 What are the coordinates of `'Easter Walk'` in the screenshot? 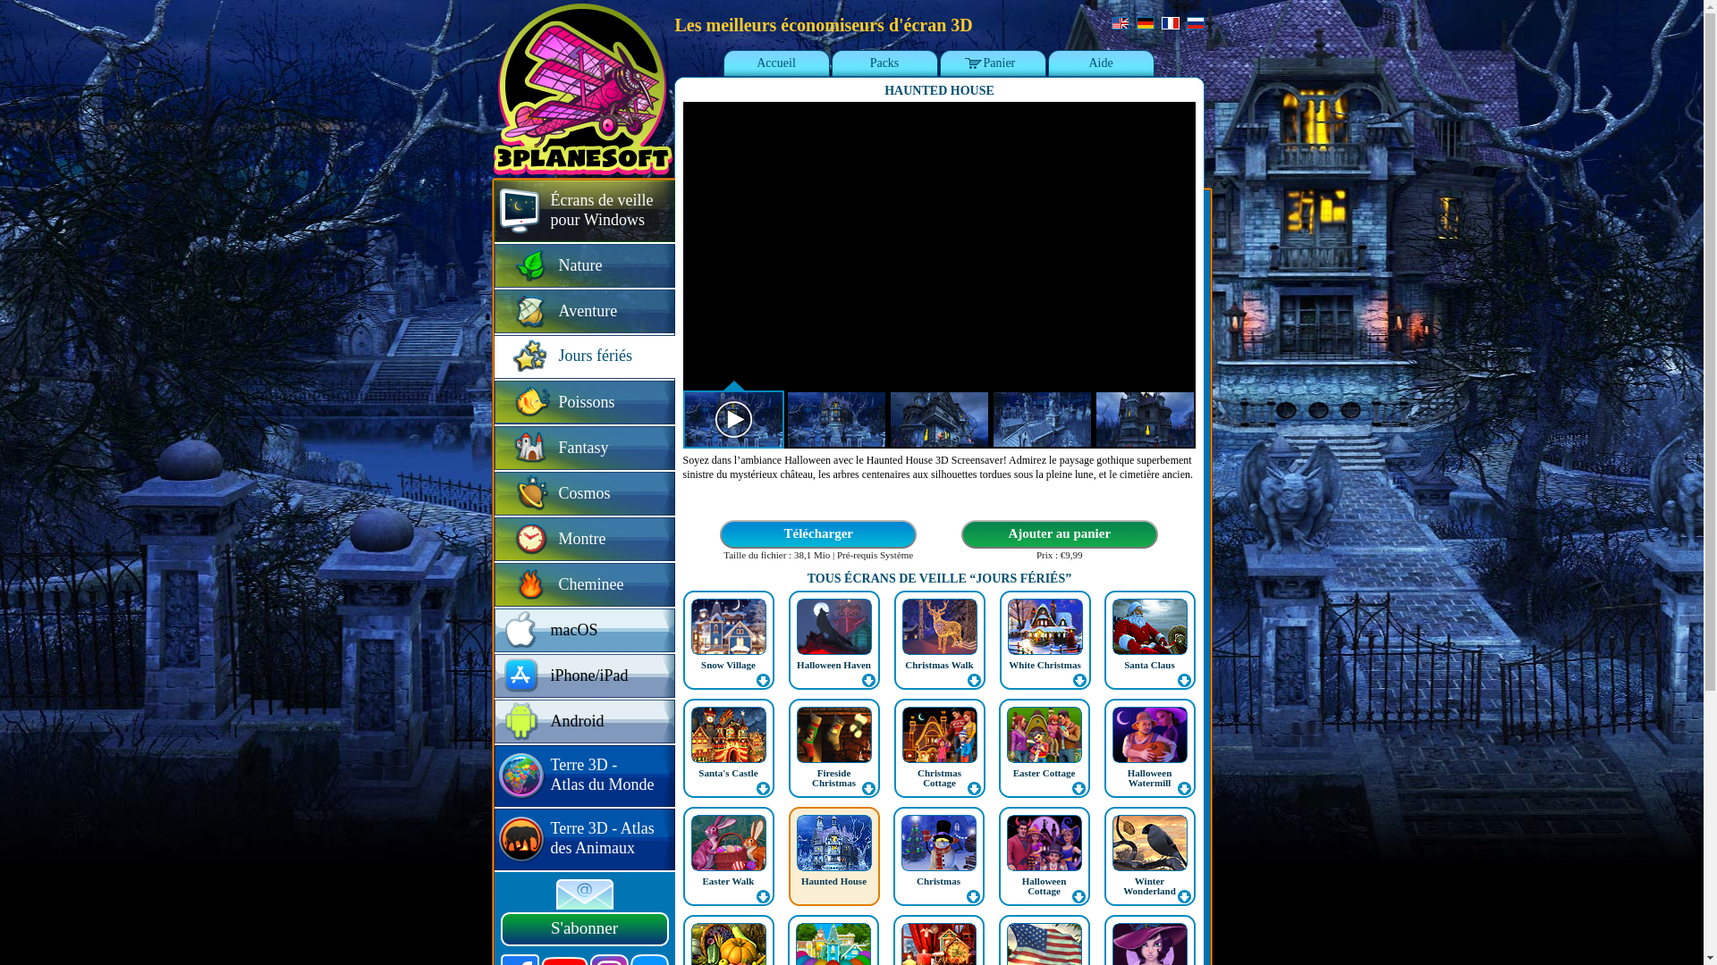 It's located at (729, 880).